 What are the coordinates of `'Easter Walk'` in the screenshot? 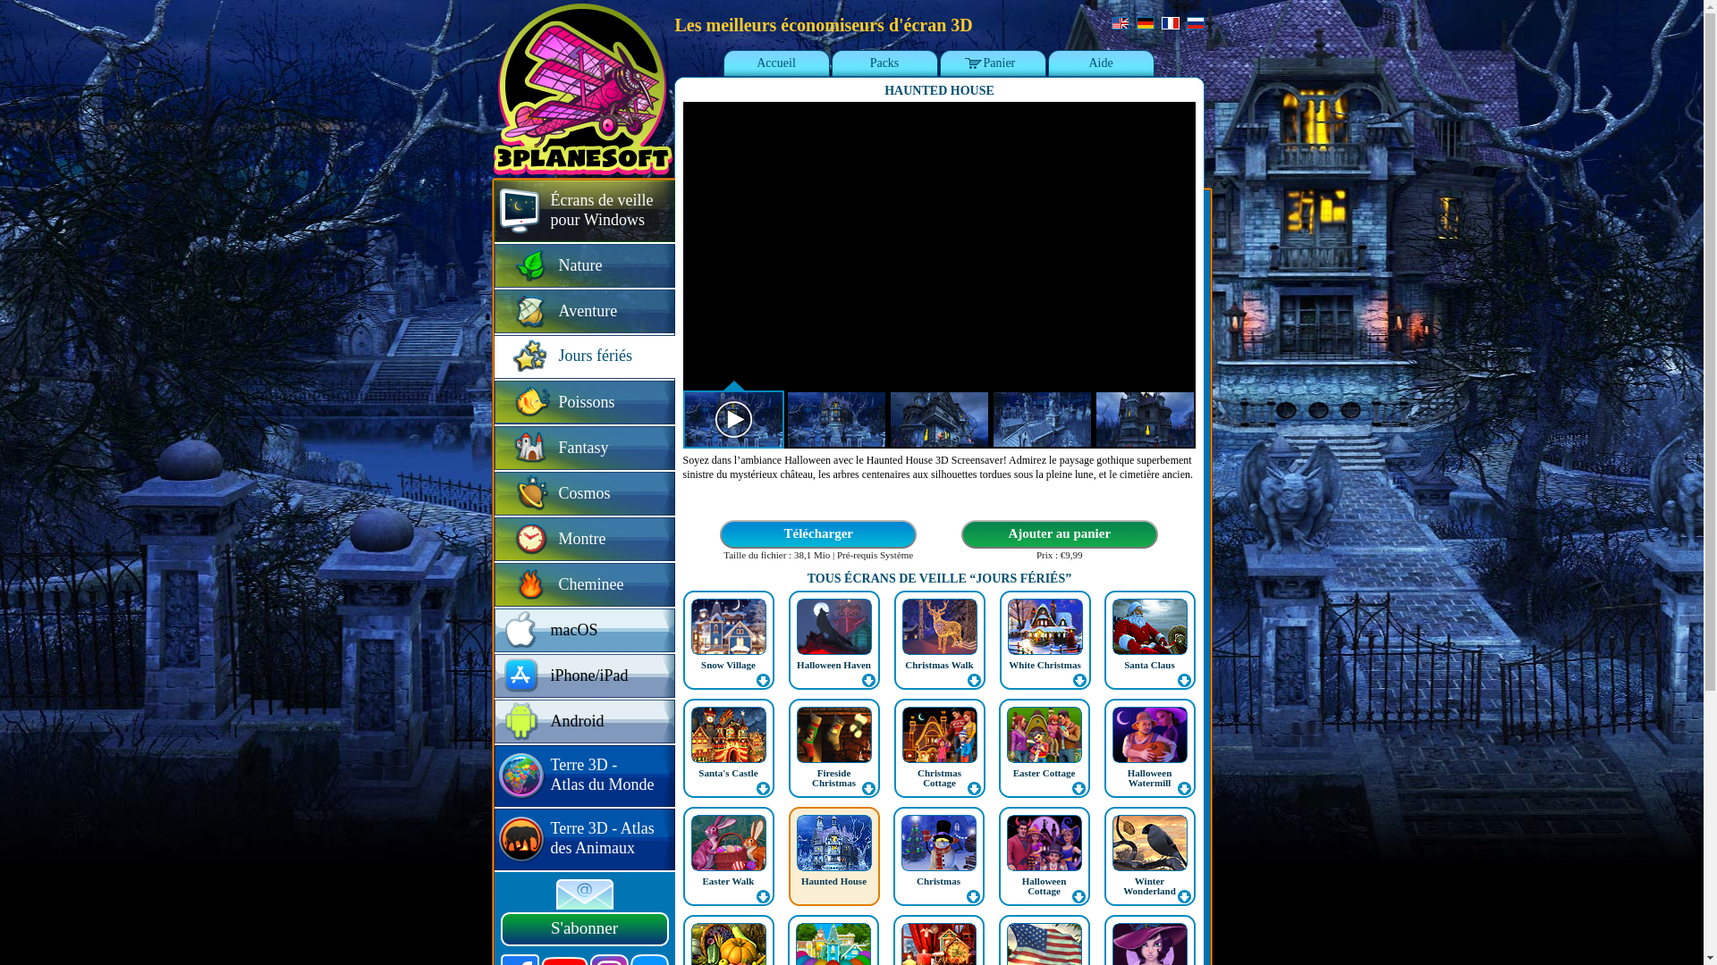 It's located at (729, 880).